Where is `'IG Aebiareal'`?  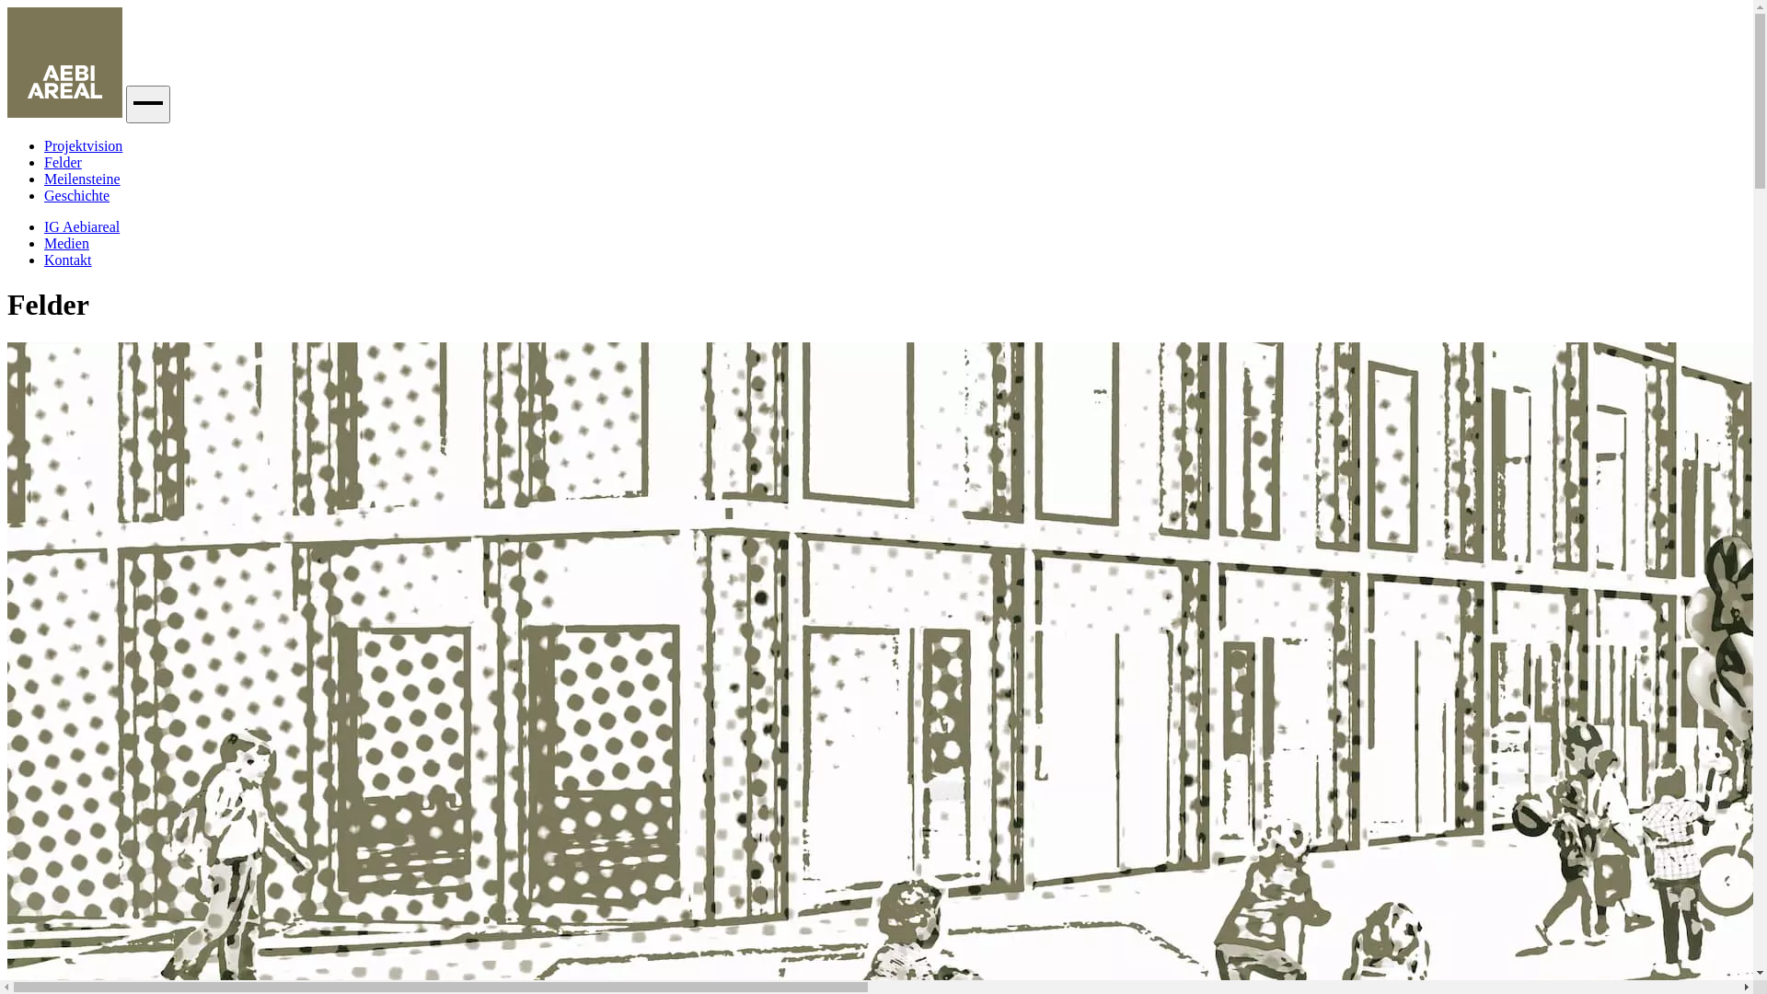
'IG Aebiareal' is located at coordinates (81, 225).